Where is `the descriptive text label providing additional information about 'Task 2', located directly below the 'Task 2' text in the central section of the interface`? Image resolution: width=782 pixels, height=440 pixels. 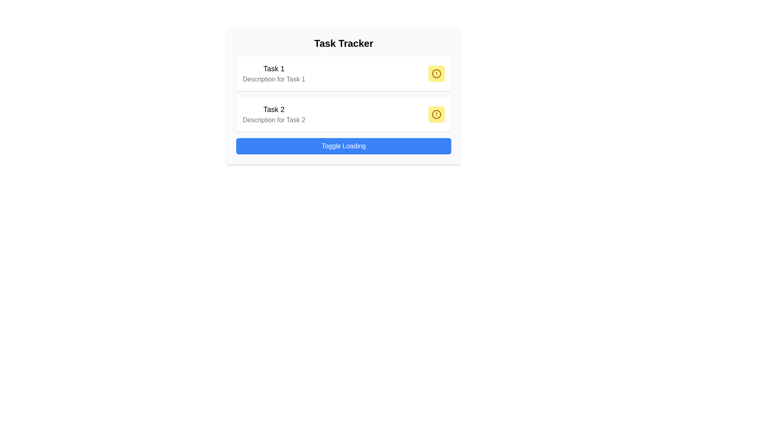 the descriptive text label providing additional information about 'Task 2', located directly below the 'Task 2' text in the central section of the interface is located at coordinates (274, 120).